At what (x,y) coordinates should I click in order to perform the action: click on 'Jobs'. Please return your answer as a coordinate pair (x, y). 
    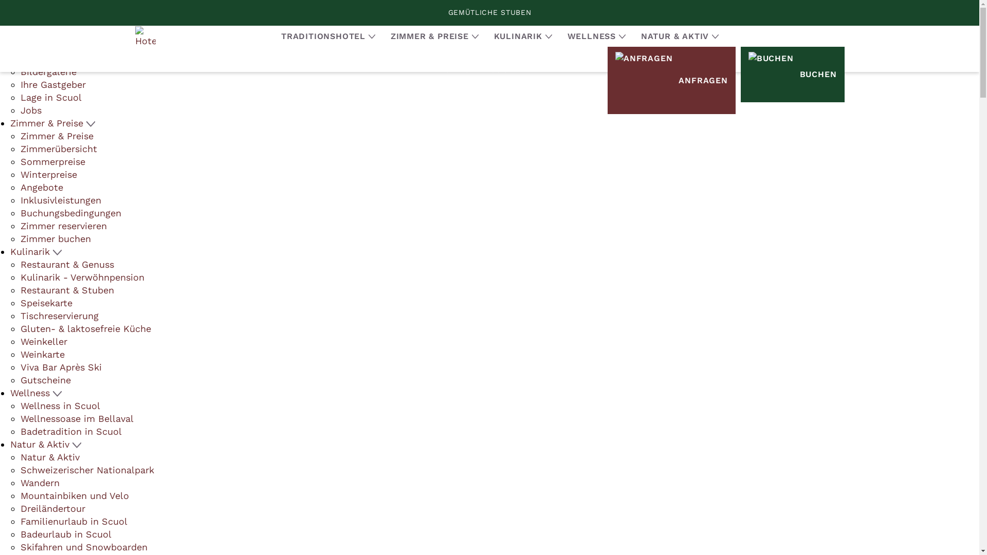
    Looking at the image, I should click on (31, 110).